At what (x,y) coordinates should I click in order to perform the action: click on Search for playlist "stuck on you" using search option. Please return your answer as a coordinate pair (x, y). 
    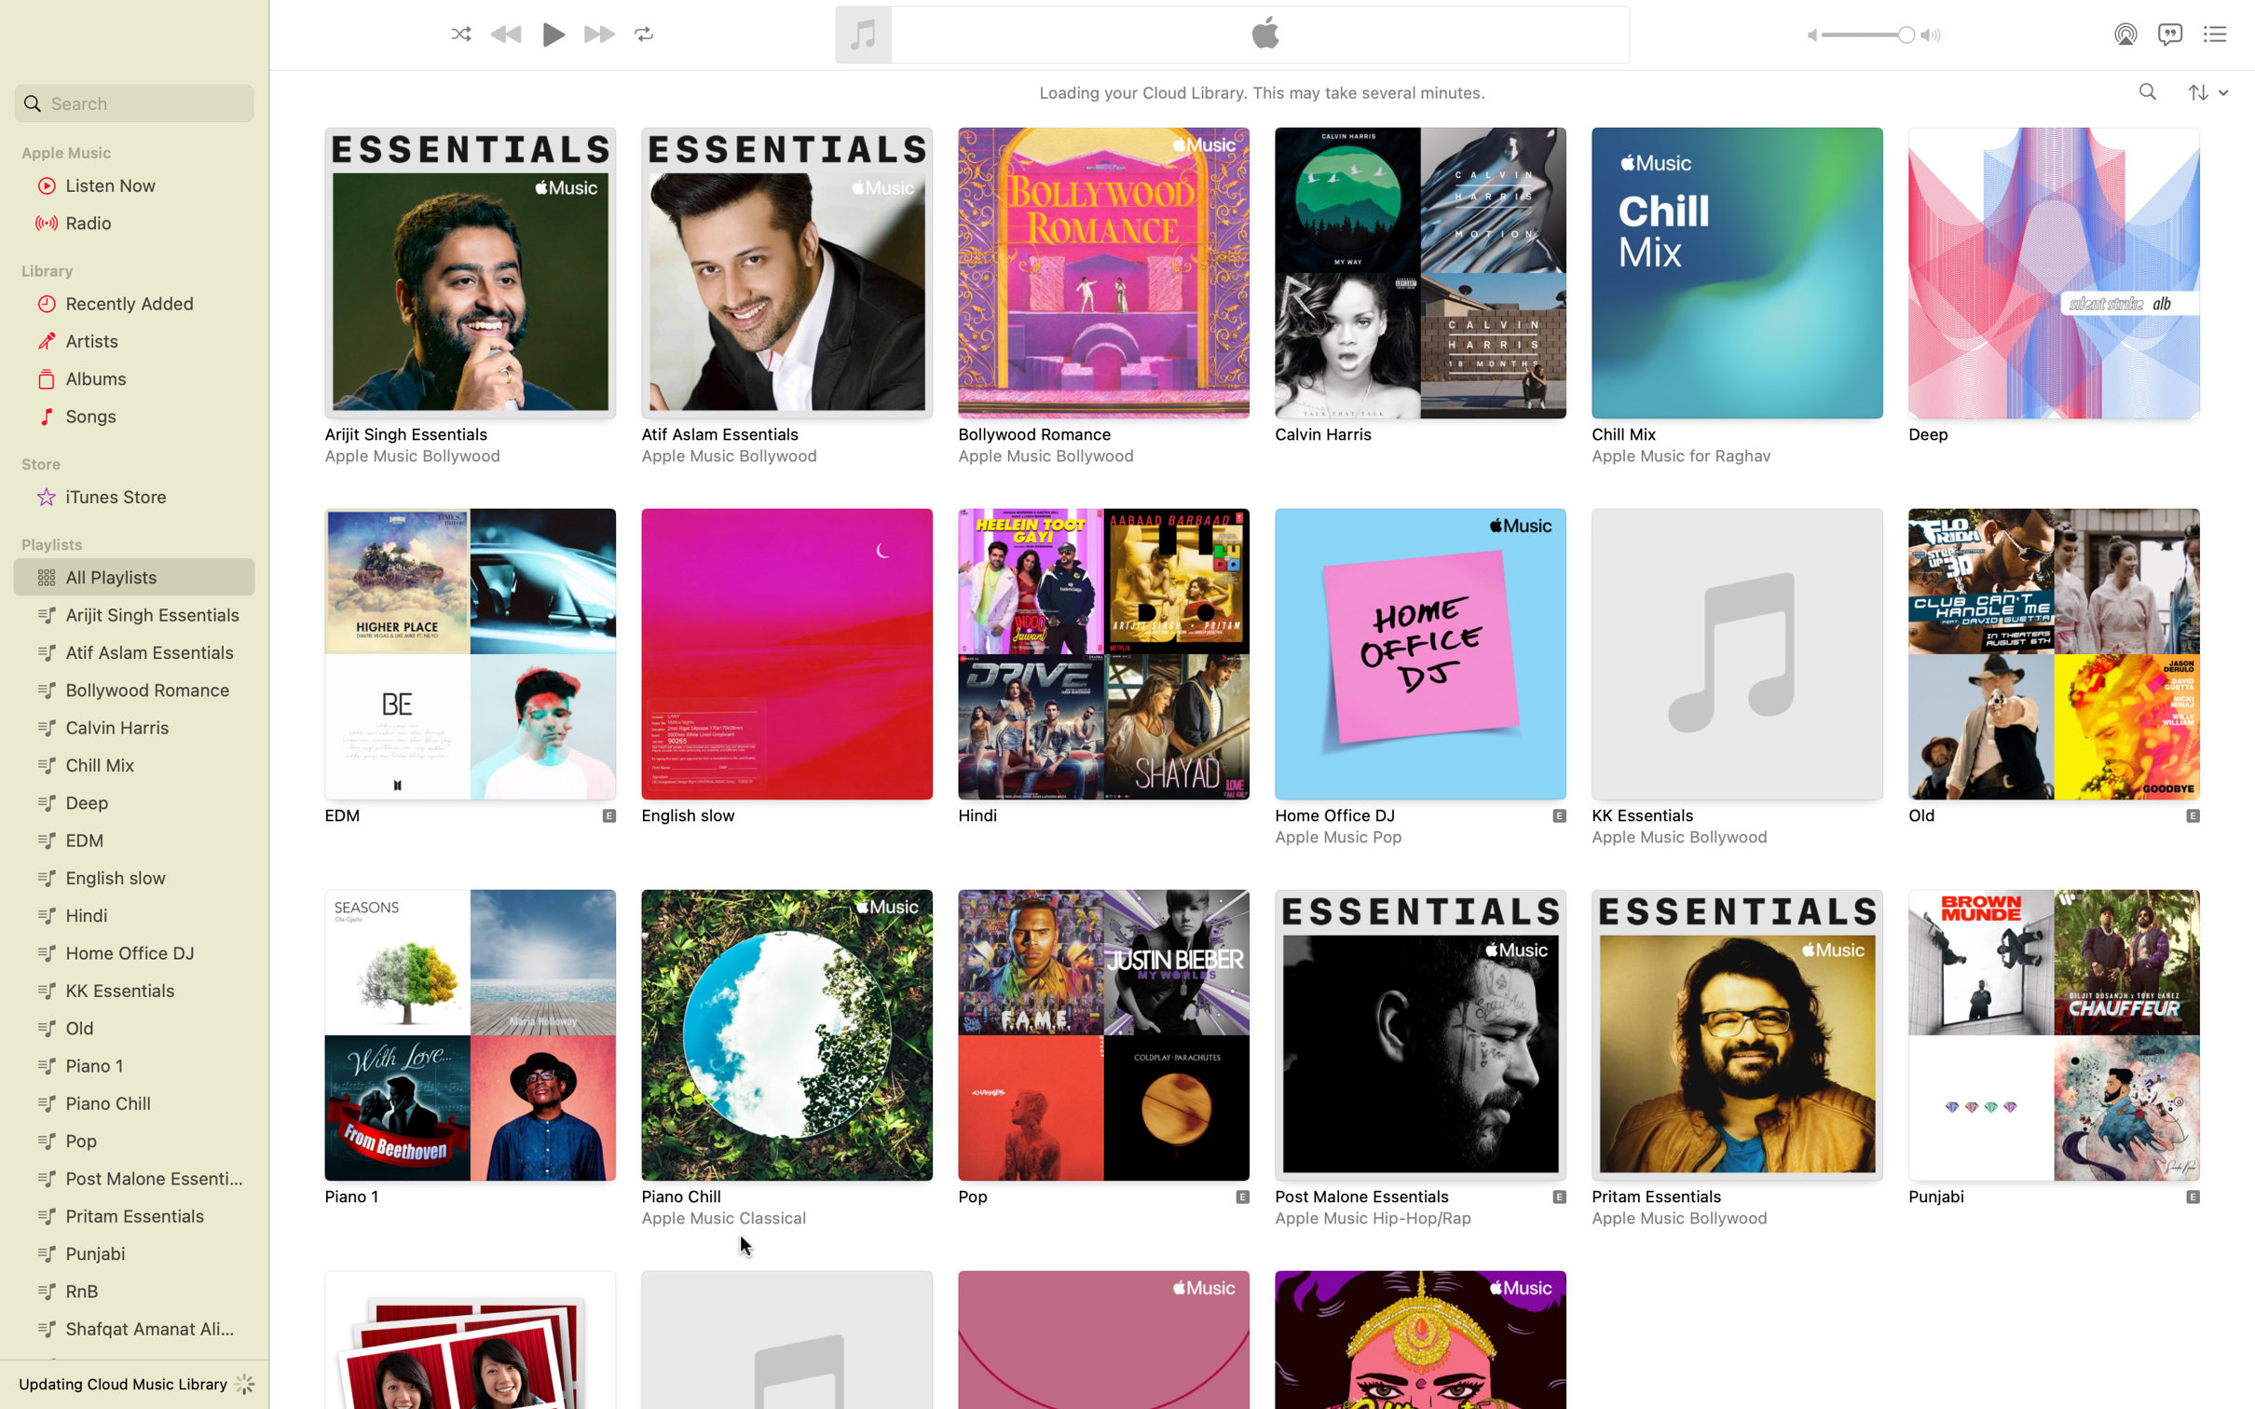
    Looking at the image, I should click on (131, 103).